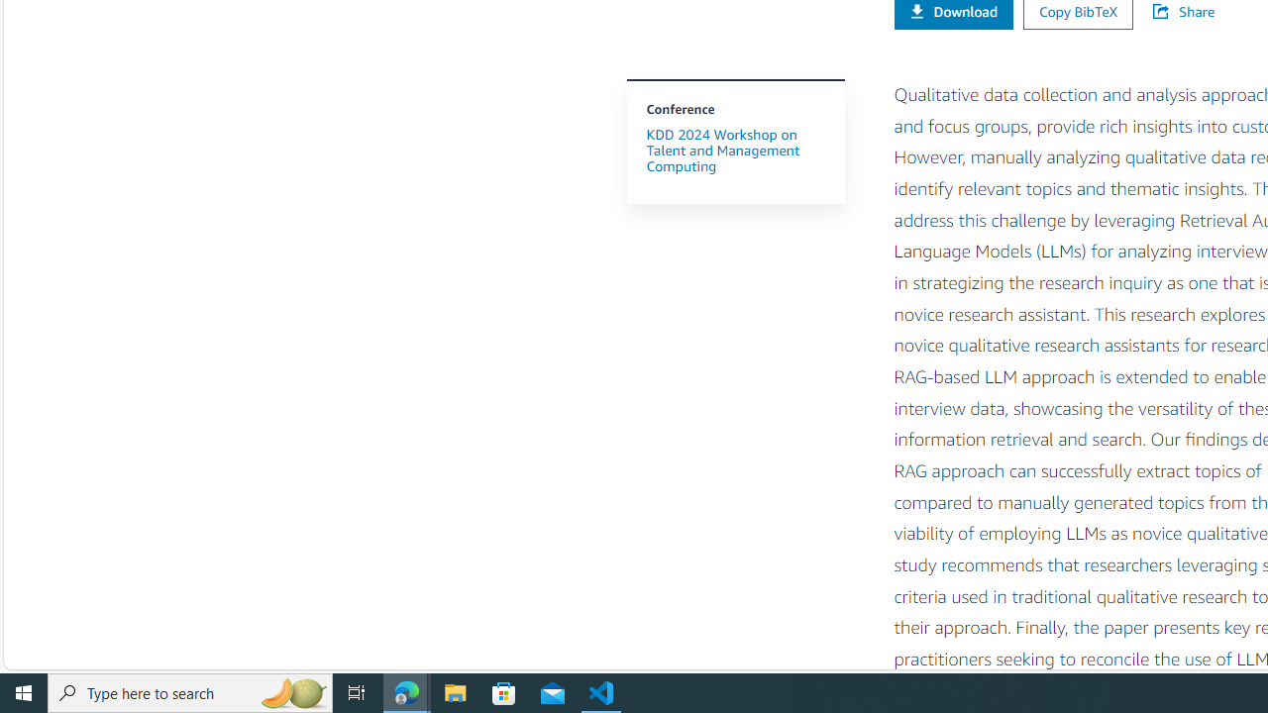 The image size is (1268, 713). What do you see at coordinates (721, 149) in the screenshot?
I see `'KDD 2024 Workshop on Talent and Management Computing'` at bounding box center [721, 149].